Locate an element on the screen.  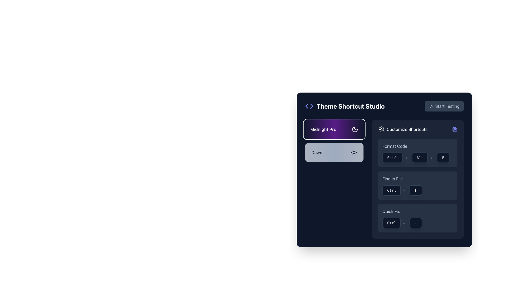
the 'Ctrl' button, which is a rectangular button with a dark gray background and white text, located in the 'Quick Fix' section of the 'Customize Shortcuts' panel is located at coordinates (391, 223).